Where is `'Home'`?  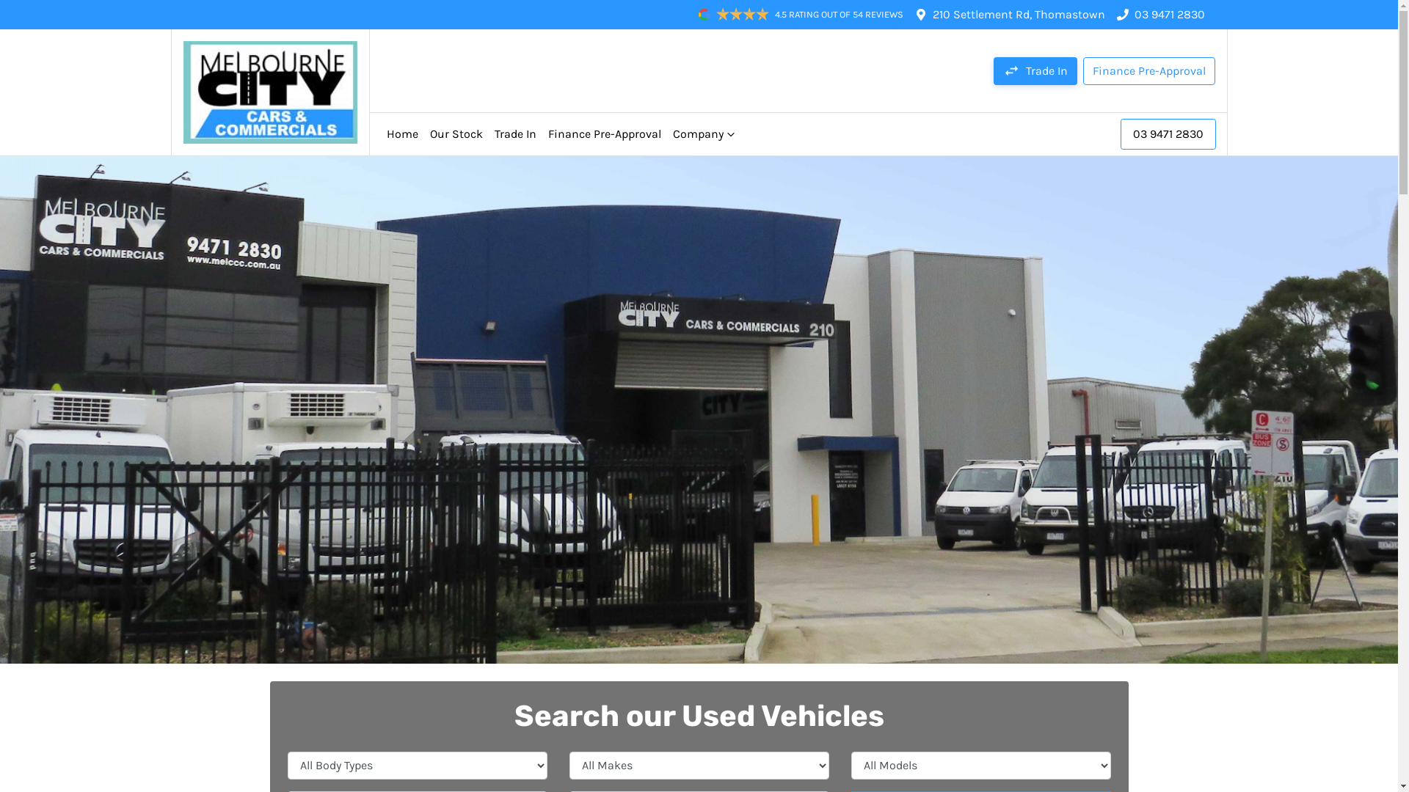
'Home' is located at coordinates (402, 133).